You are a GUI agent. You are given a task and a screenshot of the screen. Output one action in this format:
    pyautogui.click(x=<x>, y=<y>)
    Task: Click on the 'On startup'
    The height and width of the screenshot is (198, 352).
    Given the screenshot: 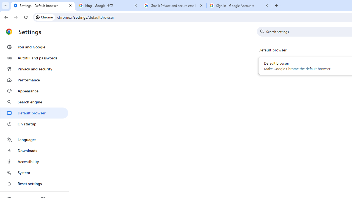 What is the action you would take?
    pyautogui.click(x=34, y=124)
    